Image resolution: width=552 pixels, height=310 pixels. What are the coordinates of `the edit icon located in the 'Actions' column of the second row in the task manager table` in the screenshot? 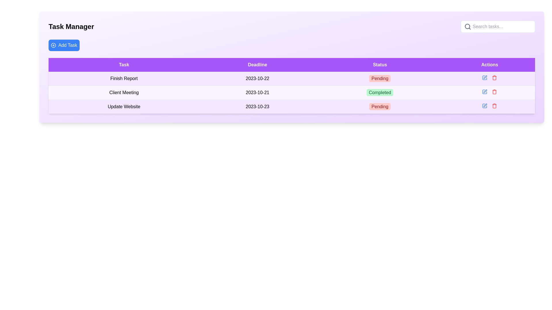 It's located at (485, 91).